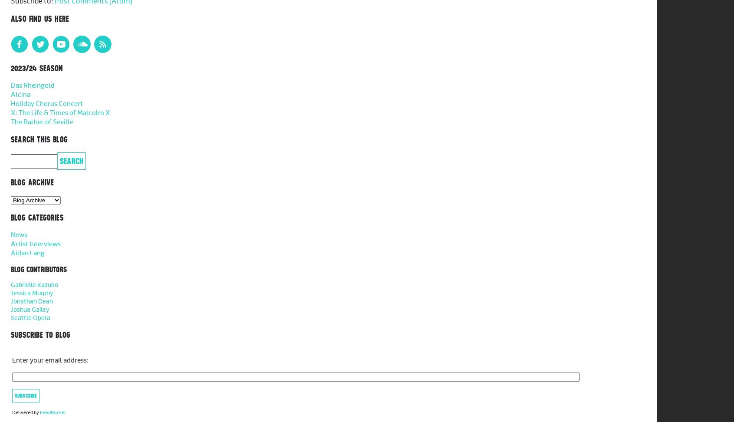  I want to click on 'Jonathan Dean', so click(32, 301).